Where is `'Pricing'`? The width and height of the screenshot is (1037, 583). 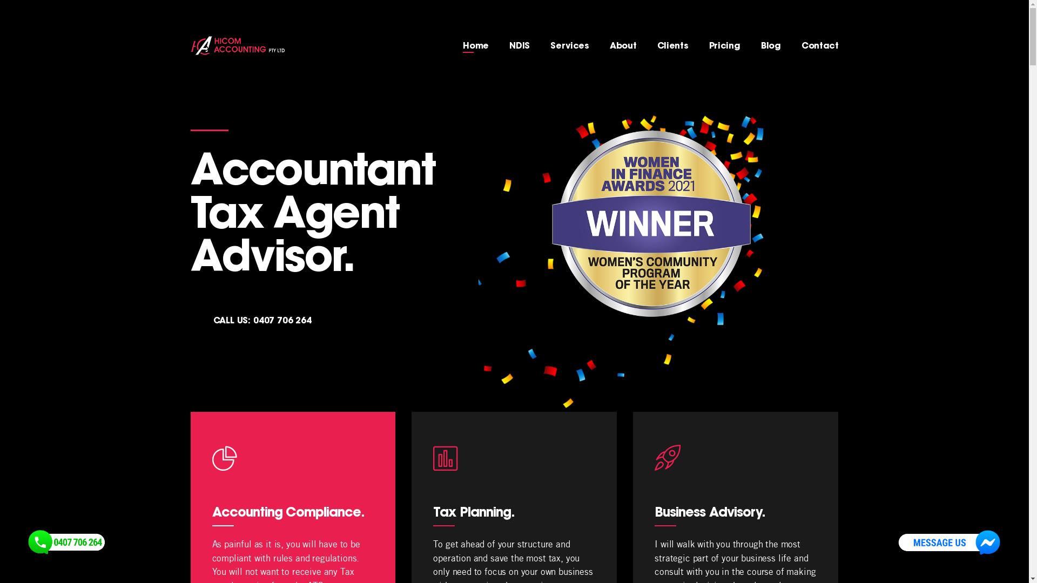 'Pricing' is located at coordinates (725, 45).